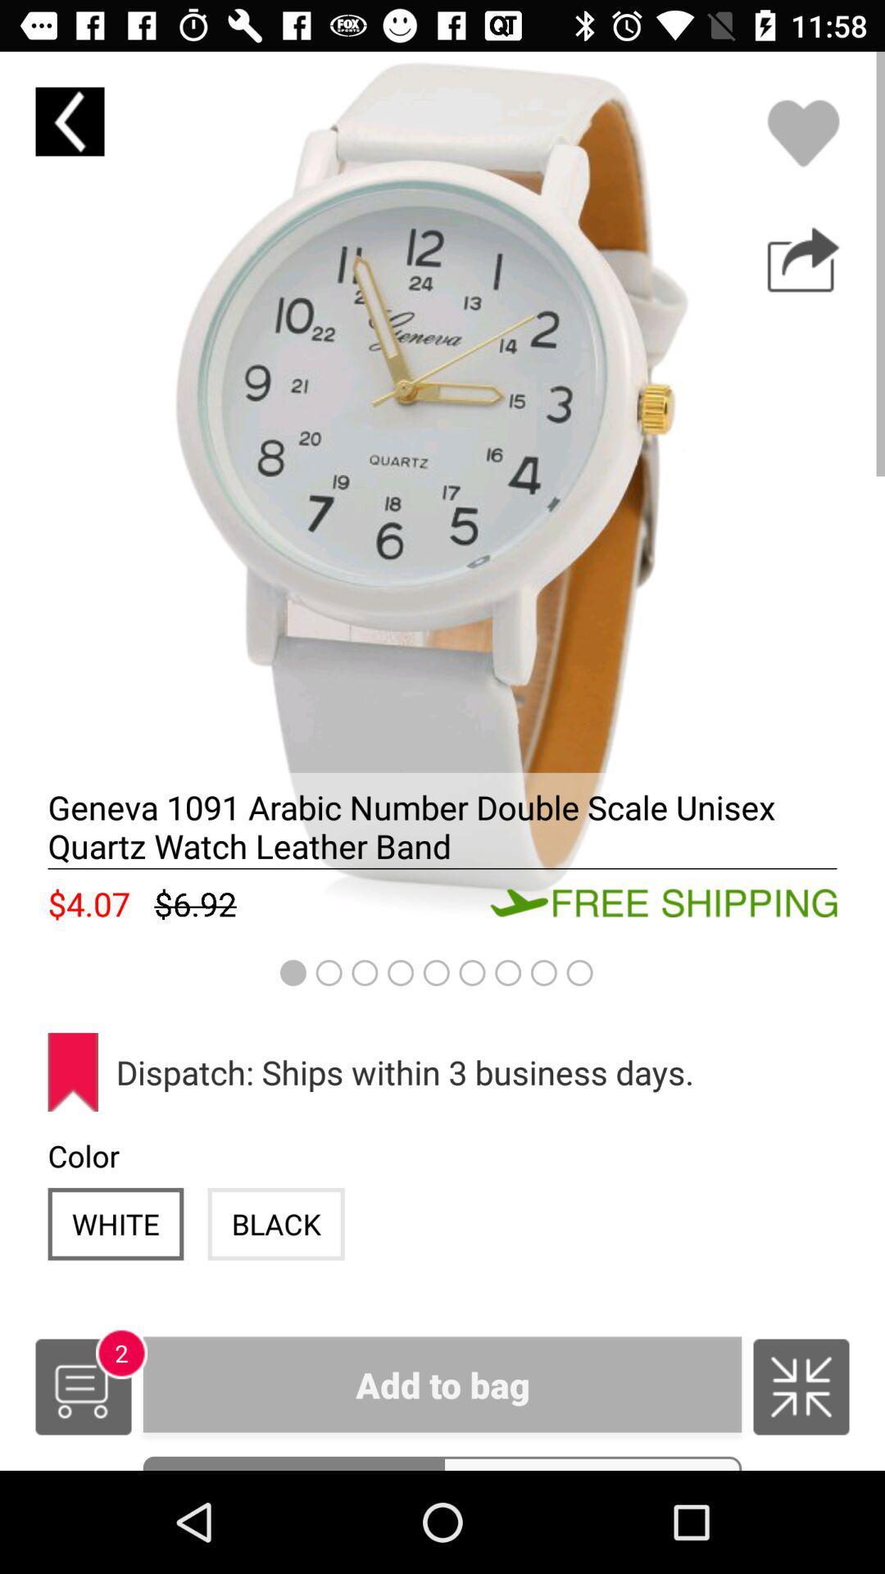  Describe the element at coordinates (592, 1463) in the screenshot. I see `the sizes` at that location.